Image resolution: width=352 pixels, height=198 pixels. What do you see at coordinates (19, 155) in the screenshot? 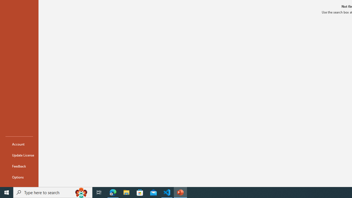
I see `'Update License'` at bounding box center [19, 155].